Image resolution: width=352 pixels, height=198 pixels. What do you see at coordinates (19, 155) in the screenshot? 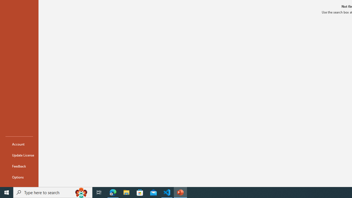
I see `'Update License'` at bounding box center [19, 155].